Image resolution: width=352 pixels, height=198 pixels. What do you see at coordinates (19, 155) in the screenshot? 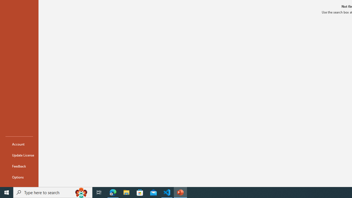
I see `'Update License'` at bounding box center [19, 155].